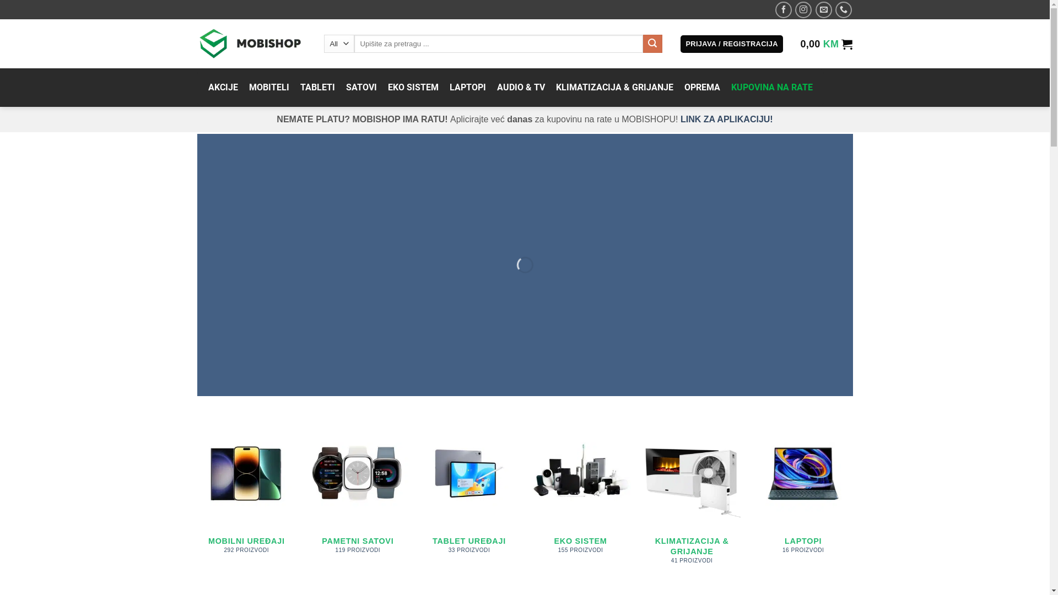 The width and height of the screenshot is (1058, 595). I want to click on 'Follow on Facebook', so click(782, 9).